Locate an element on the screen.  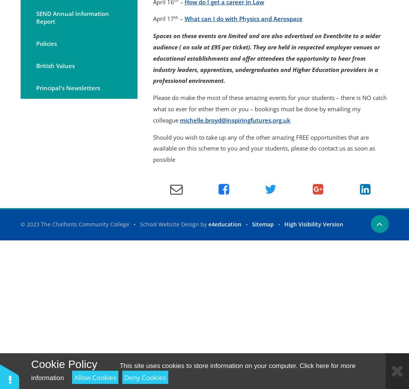
'April 17' is located at coordinates (162, 19).